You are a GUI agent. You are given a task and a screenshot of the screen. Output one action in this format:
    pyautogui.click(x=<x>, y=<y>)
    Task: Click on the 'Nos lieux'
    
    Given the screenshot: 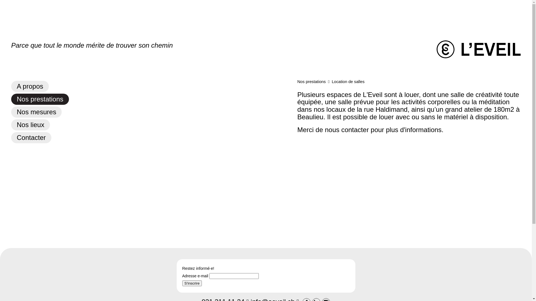 What is the action you would take?
    pyautogui.click(x=30, y=124)
    